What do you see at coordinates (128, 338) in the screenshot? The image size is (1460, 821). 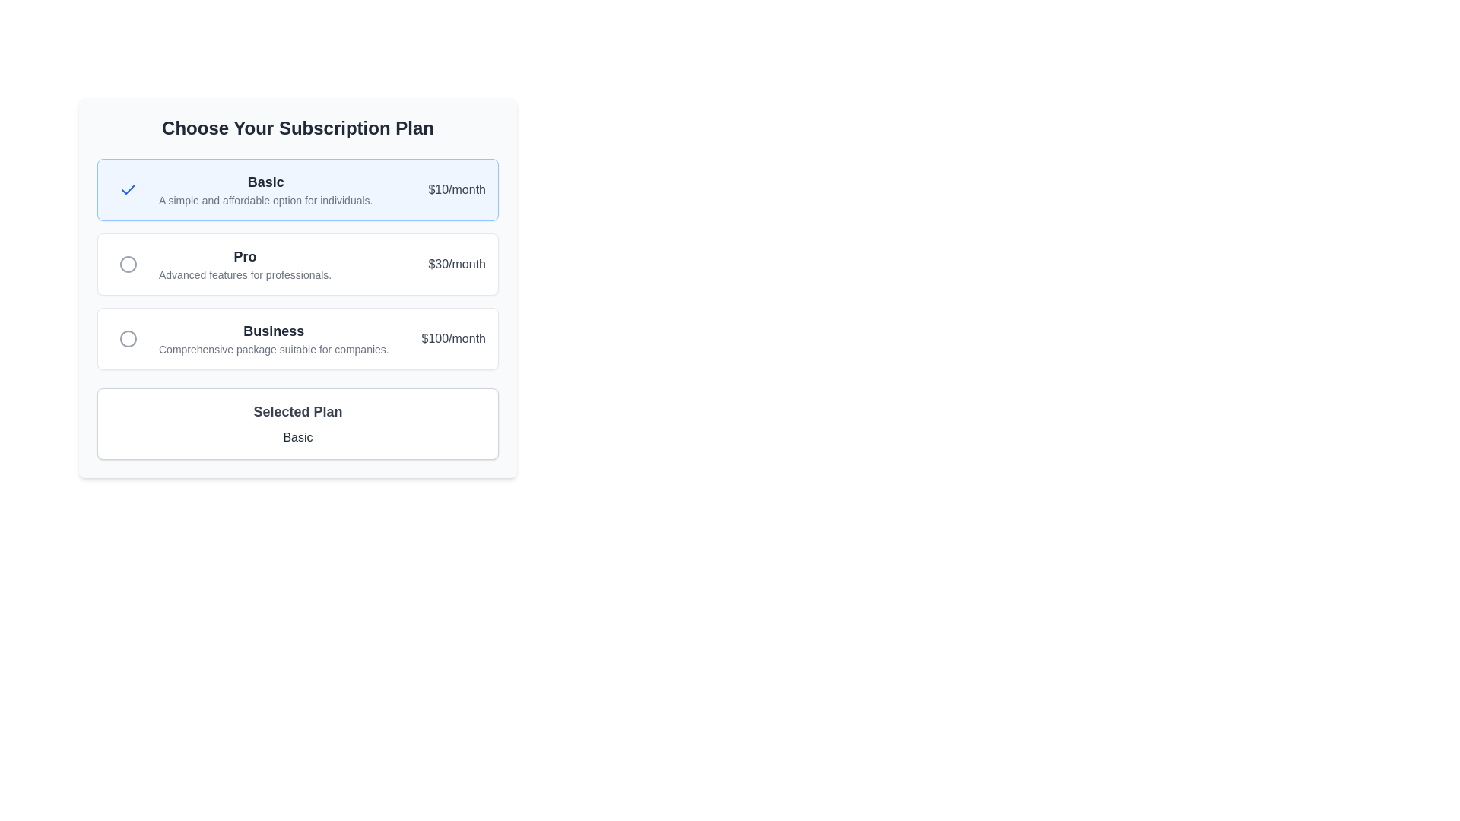 I see `the unselected radio button for the 'Business' subscription plan located to the left of the 'Business' option in the subscription plan selection interface` at bounding box center [128, 338].